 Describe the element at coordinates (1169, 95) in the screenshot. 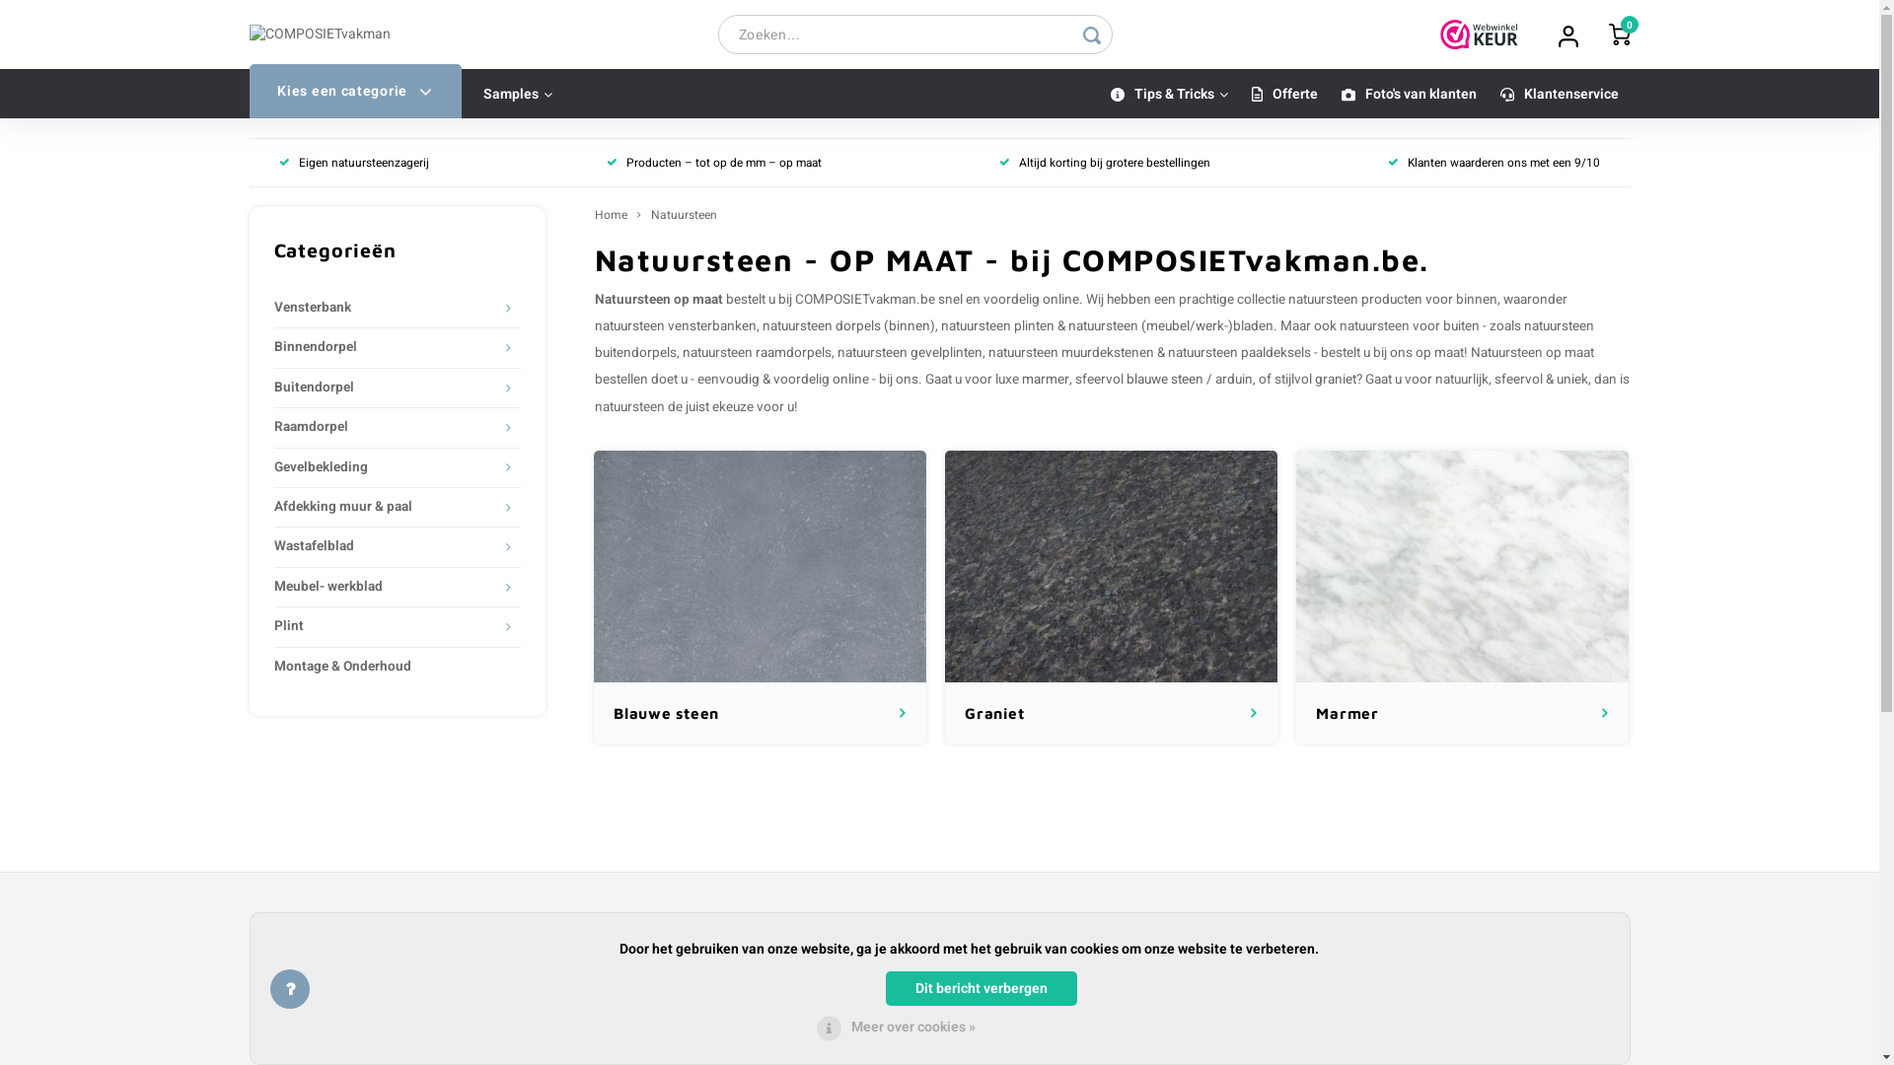

I see `'Tips & Tricks'` at that location.